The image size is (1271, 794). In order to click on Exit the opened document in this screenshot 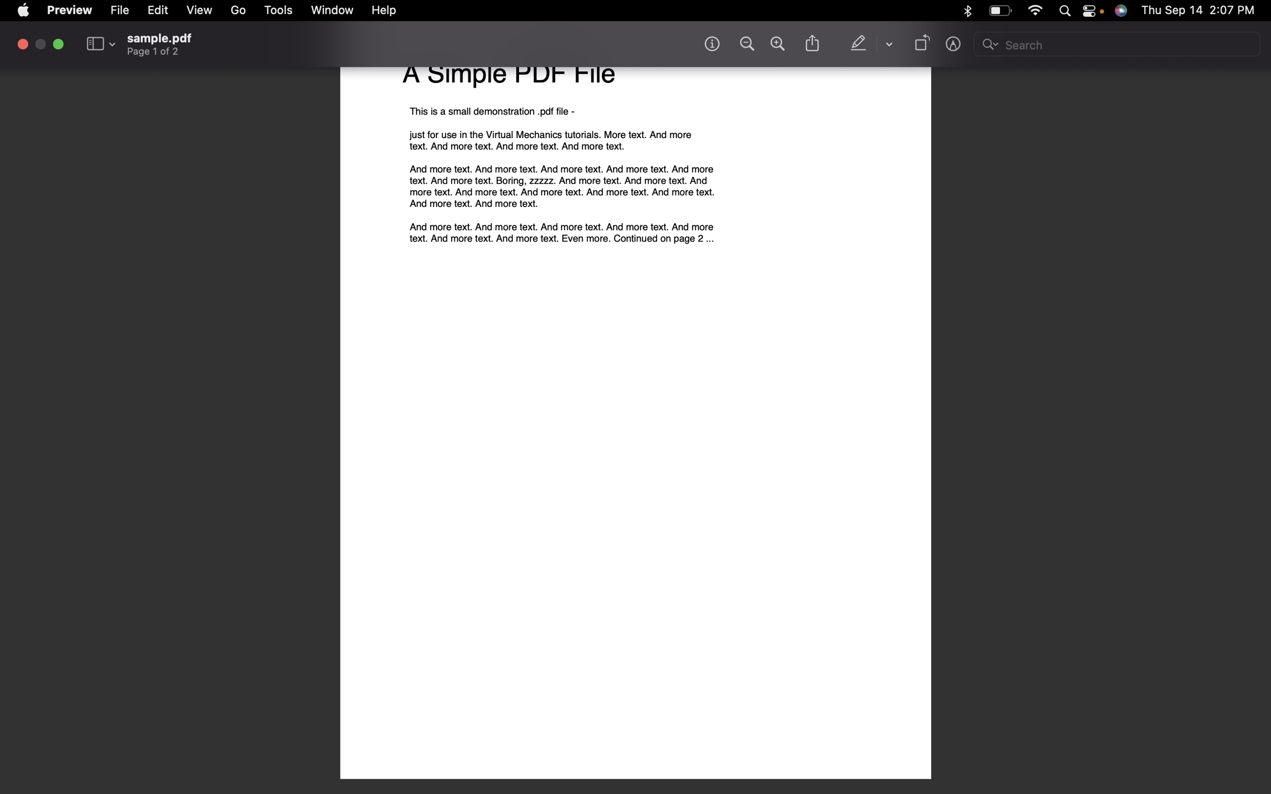, I will do `click(23, 44)`.